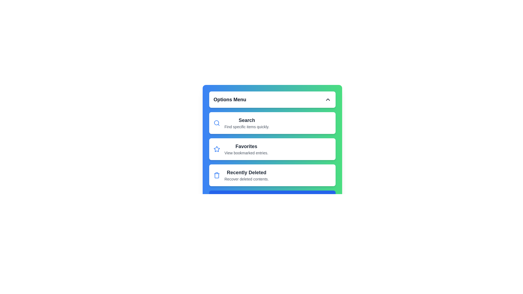  I want to click on the trash can icon representing the 'Recently Deleted' section, which serves as a visual identifier for this section, so click(217, 176).